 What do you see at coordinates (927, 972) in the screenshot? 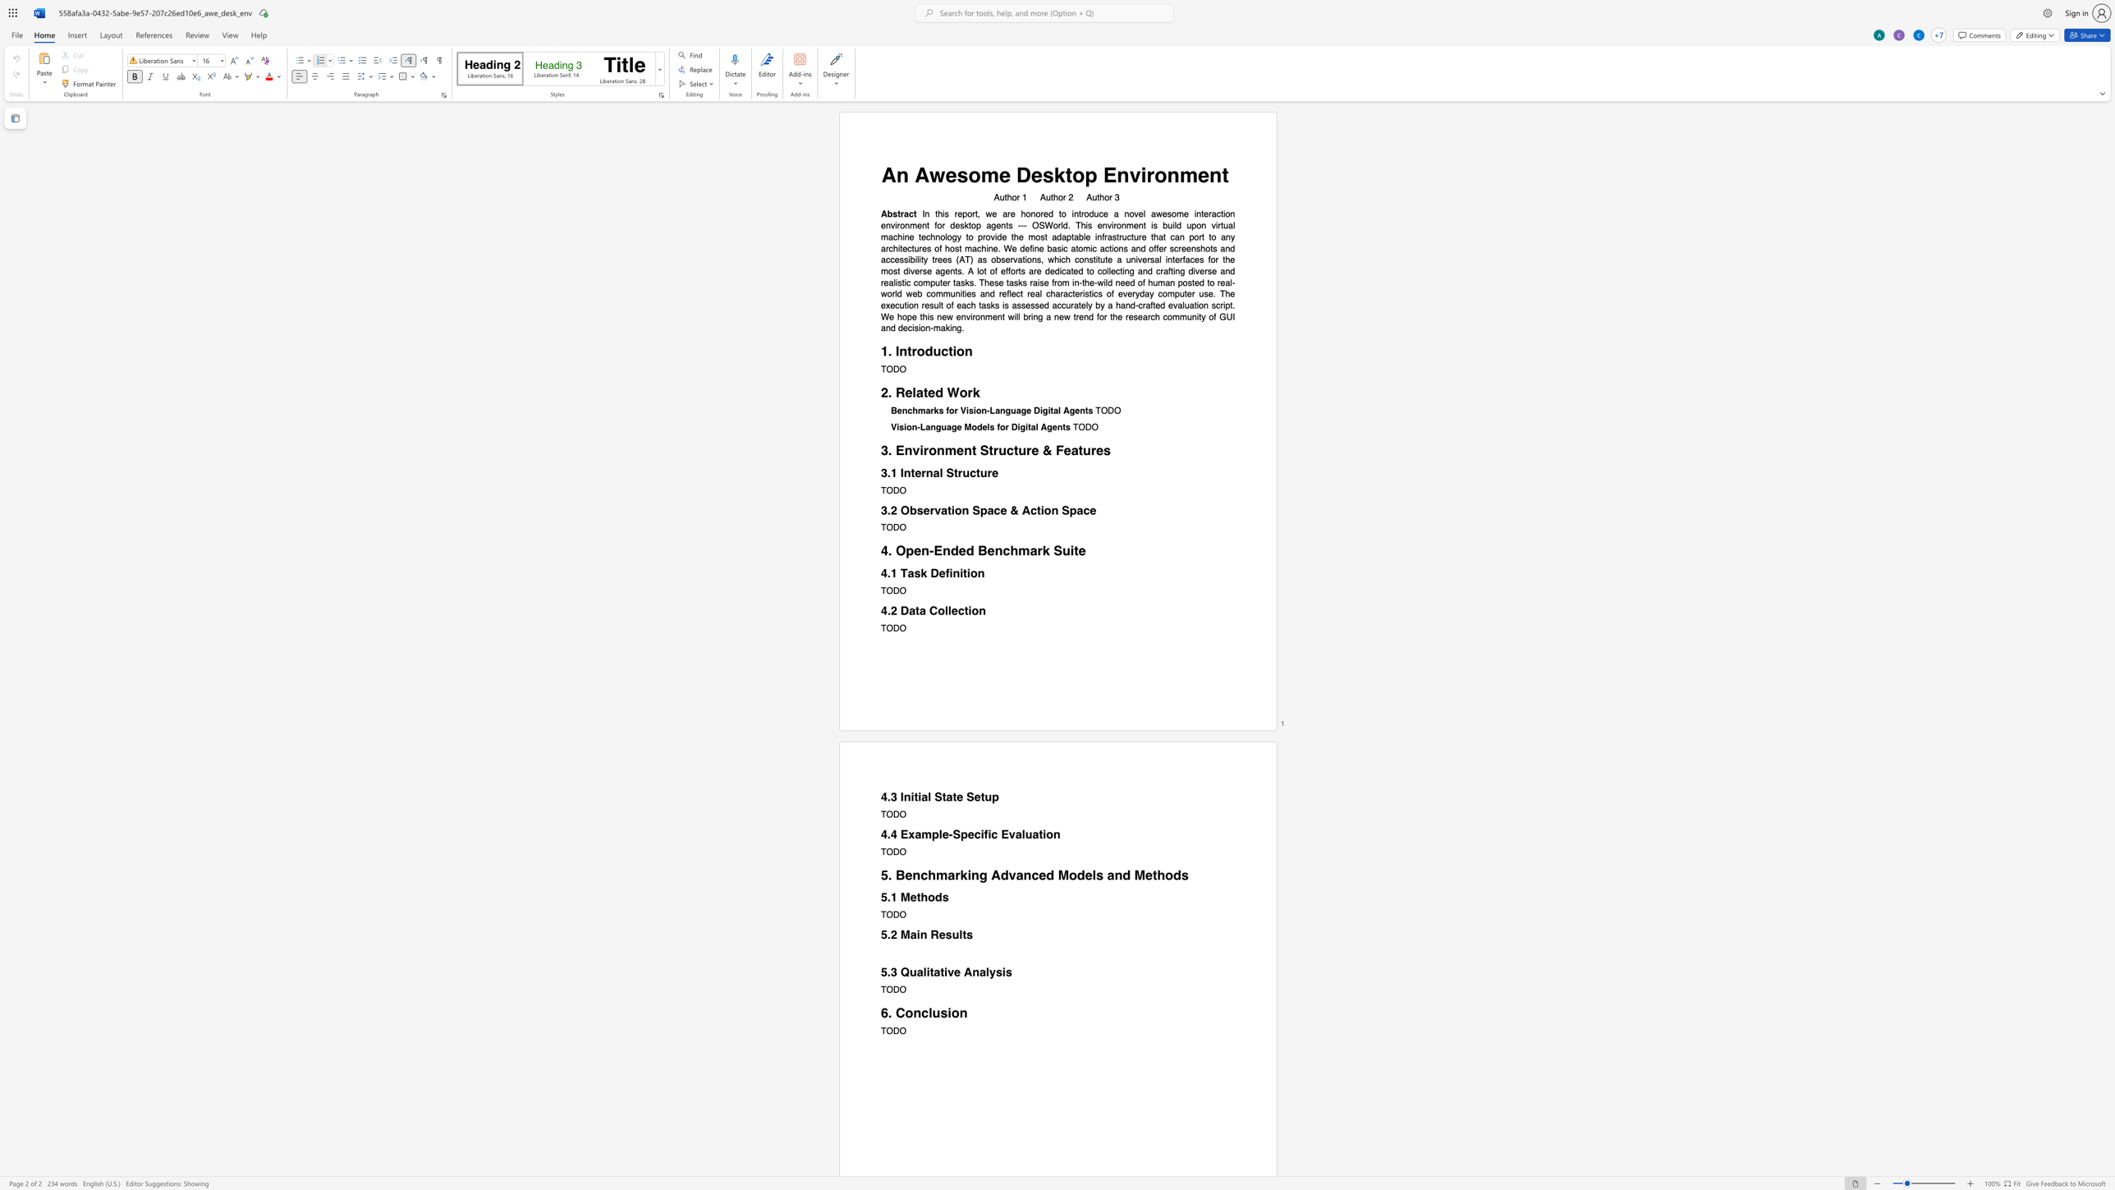
I see `the 1th character "i" in the text` at bounding box center [927, 972].